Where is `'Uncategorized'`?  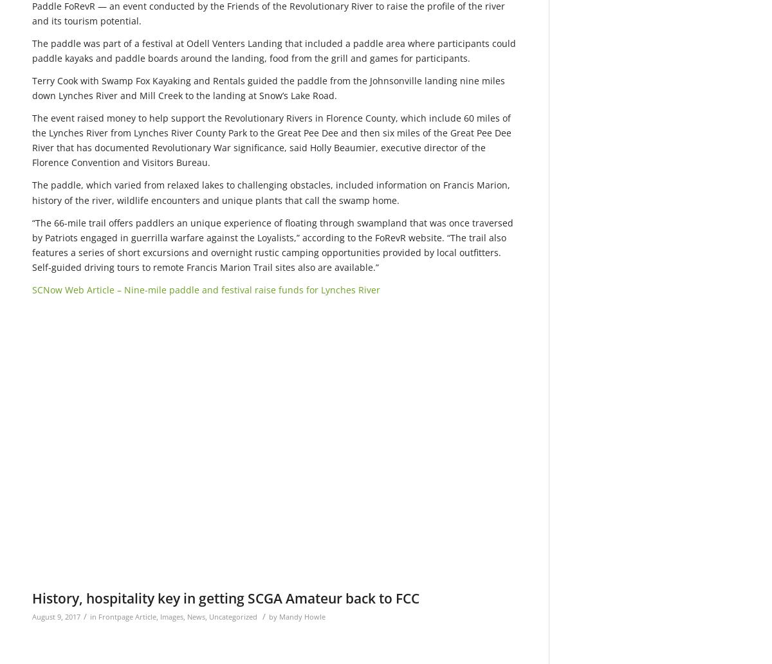
'Uncategorized' is located at coordinates (233, 616).